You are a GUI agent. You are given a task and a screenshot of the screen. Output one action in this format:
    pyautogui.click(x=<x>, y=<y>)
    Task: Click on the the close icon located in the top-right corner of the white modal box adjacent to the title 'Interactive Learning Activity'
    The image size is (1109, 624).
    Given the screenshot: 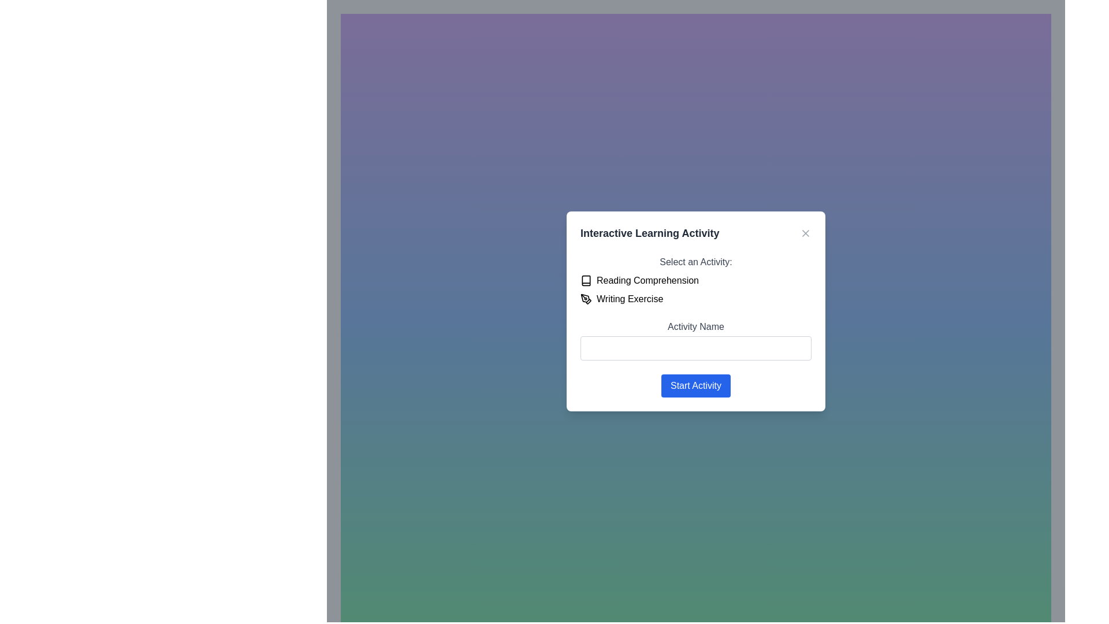 What is the action you would take?
    pyautogui.click(x=805, y=233)
    